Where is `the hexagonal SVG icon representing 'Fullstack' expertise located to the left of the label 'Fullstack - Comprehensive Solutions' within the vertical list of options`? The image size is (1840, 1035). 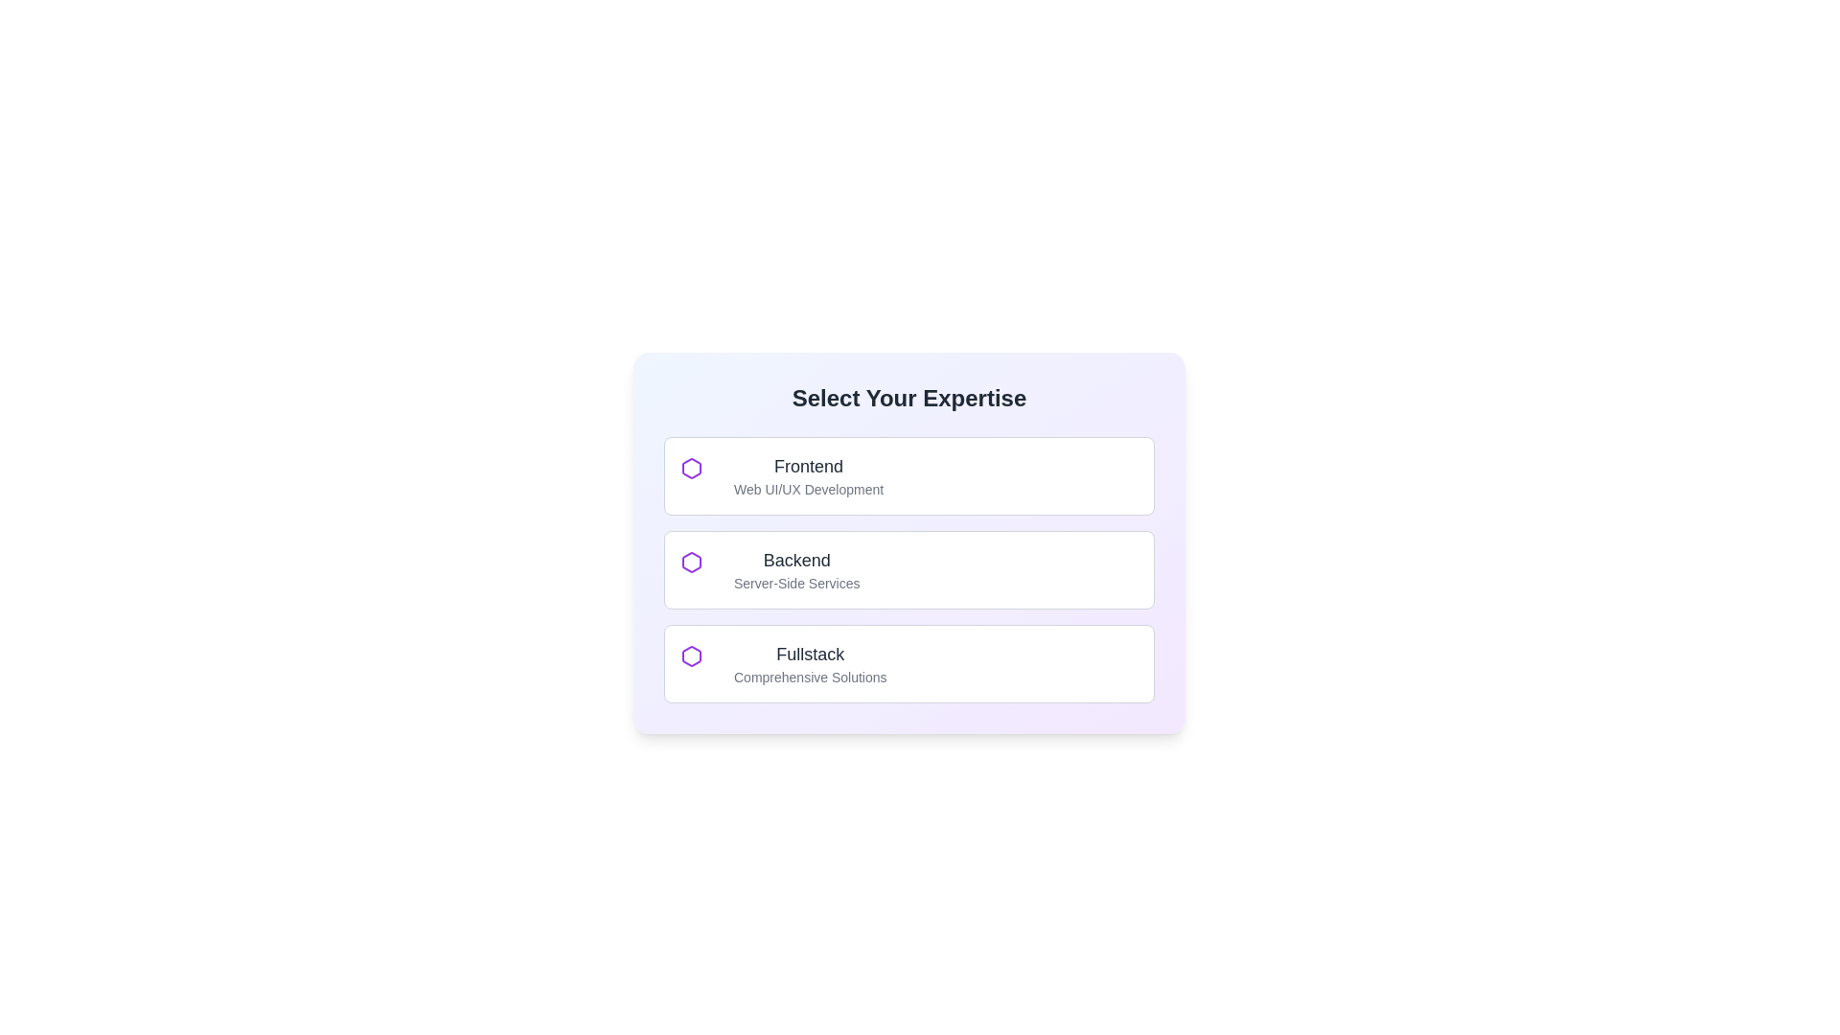
the hexagonal SVG icon representing 'Fullstack' expertise located to the left of the label 'Fullstack - Comprehensive Solutions' within the vertical list of options is located at coordinates (690, 655).